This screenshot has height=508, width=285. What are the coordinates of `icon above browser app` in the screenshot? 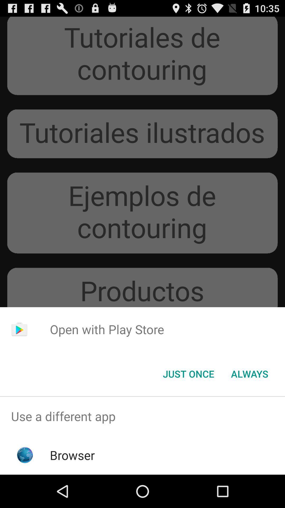 It's located at (142, 416).